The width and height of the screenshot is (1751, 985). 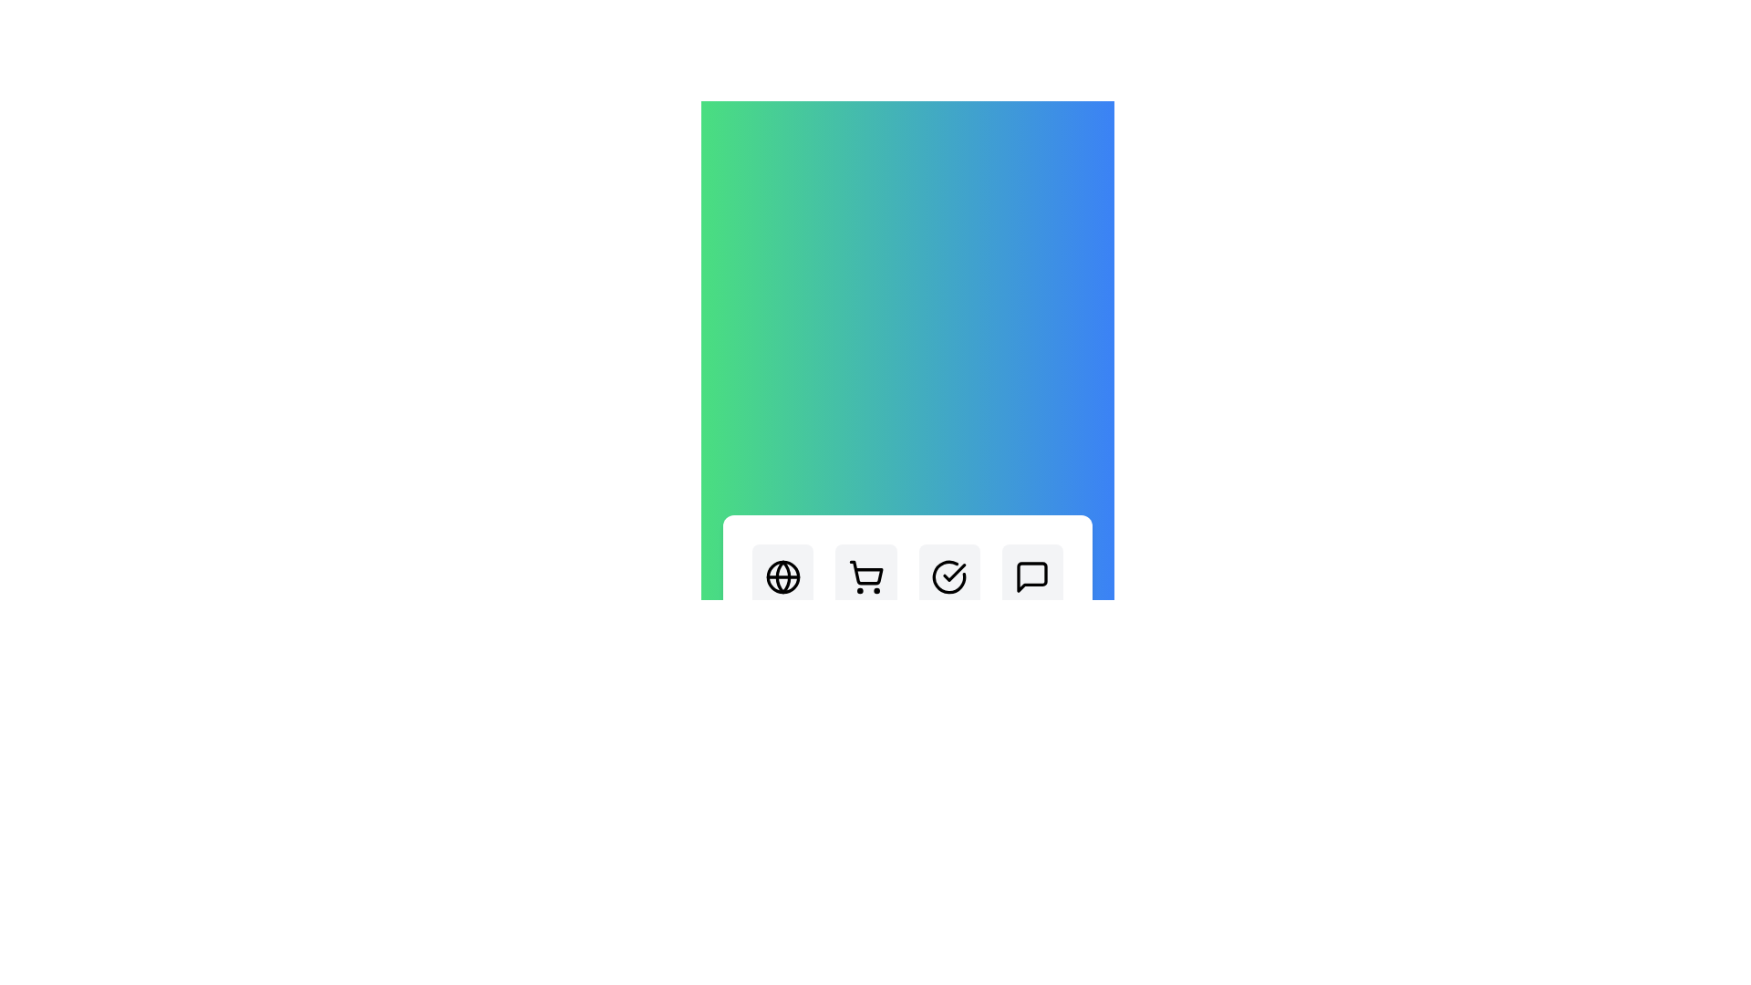 I want to click on the shopping cart icon located in the bottom row of the grid layout, so click(x=865, y=576).